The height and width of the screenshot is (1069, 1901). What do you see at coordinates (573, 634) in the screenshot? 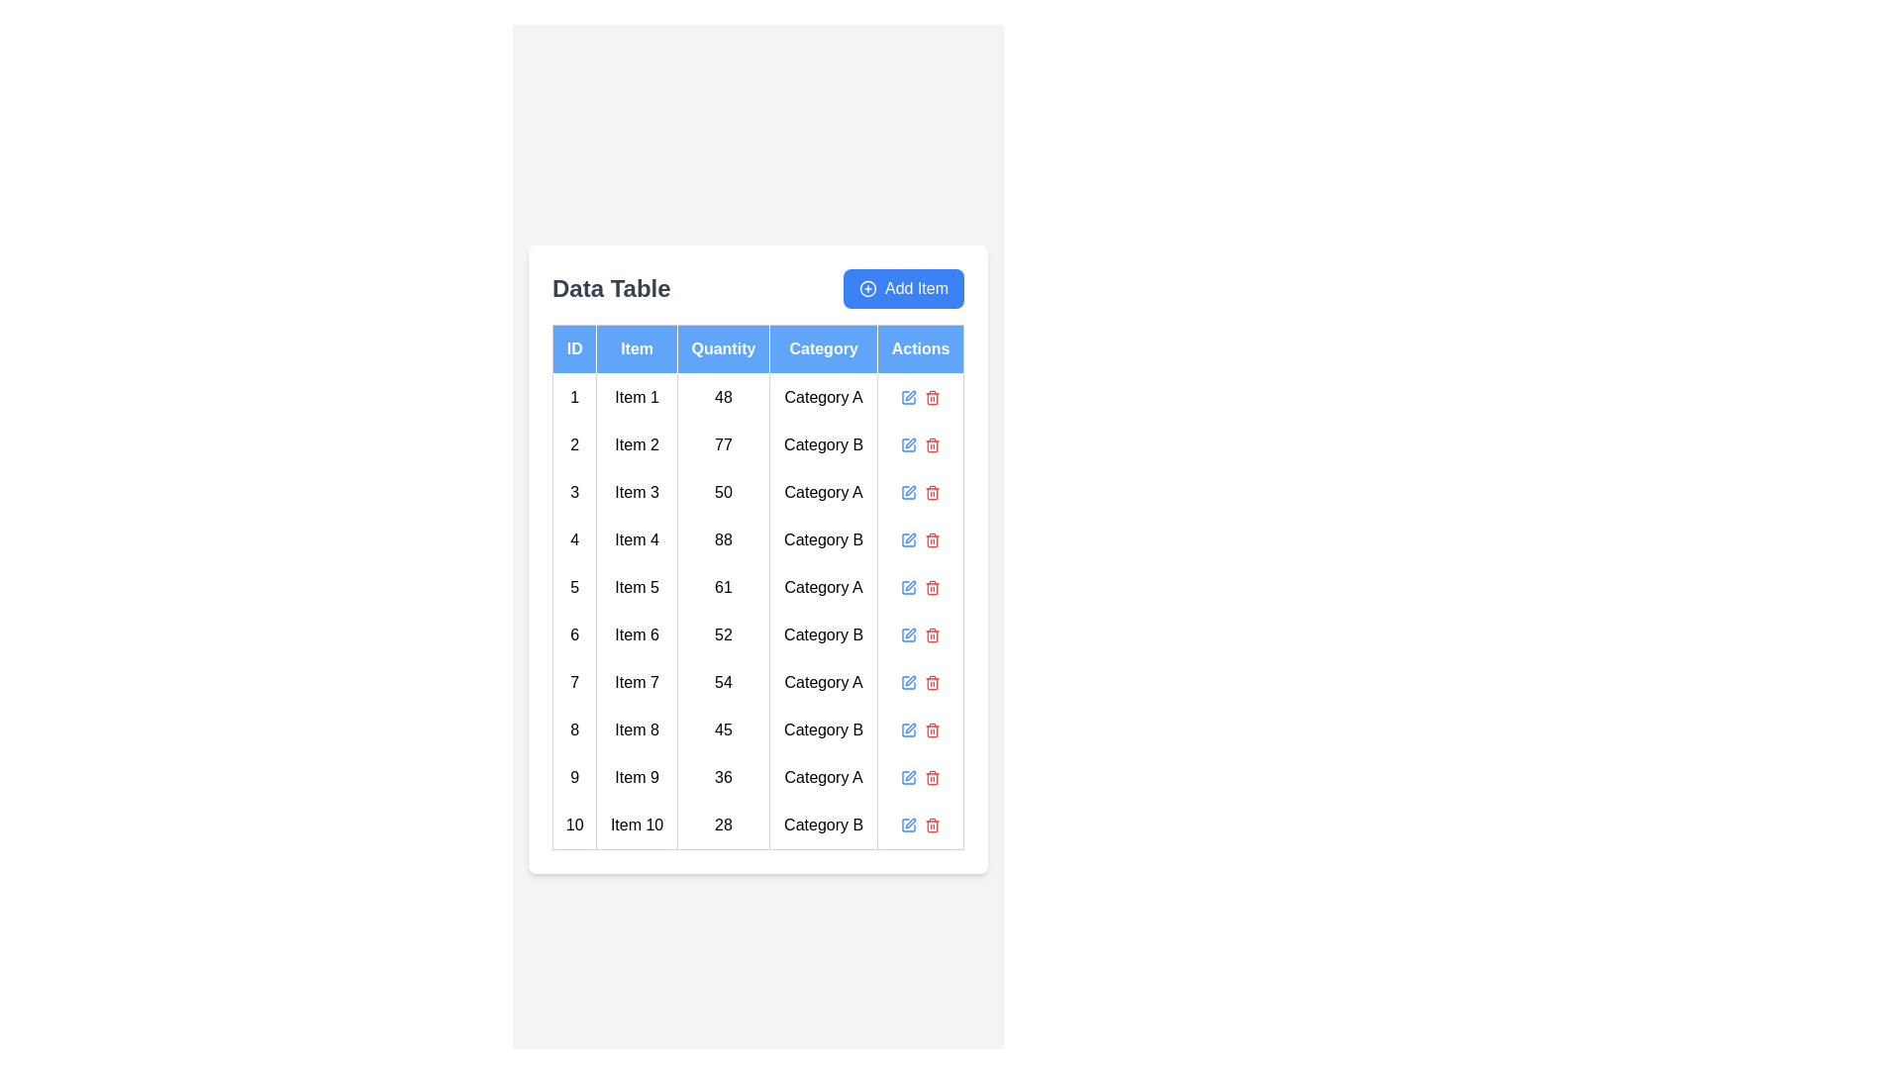
I see `the Table Cell` at bounding box center [573, 634].